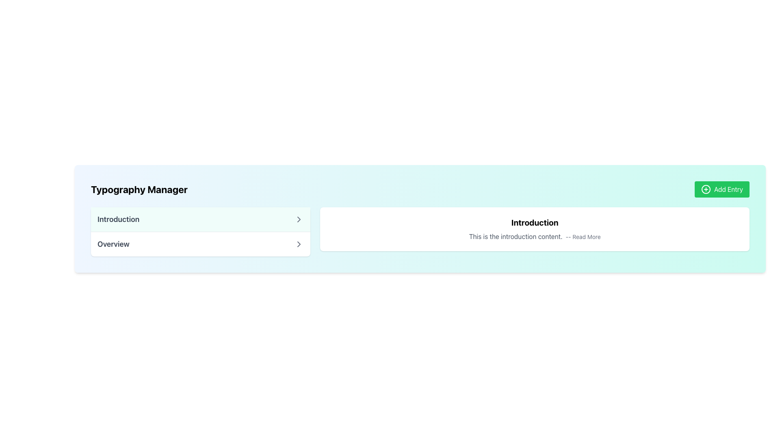  What do you see at coordinates (705, 189) in the screenshot?
I see `the circular green icon with a plus symbol inside the 'Add Entry' button located at the top-right corner of the interface` at bounding box center [705, 189].